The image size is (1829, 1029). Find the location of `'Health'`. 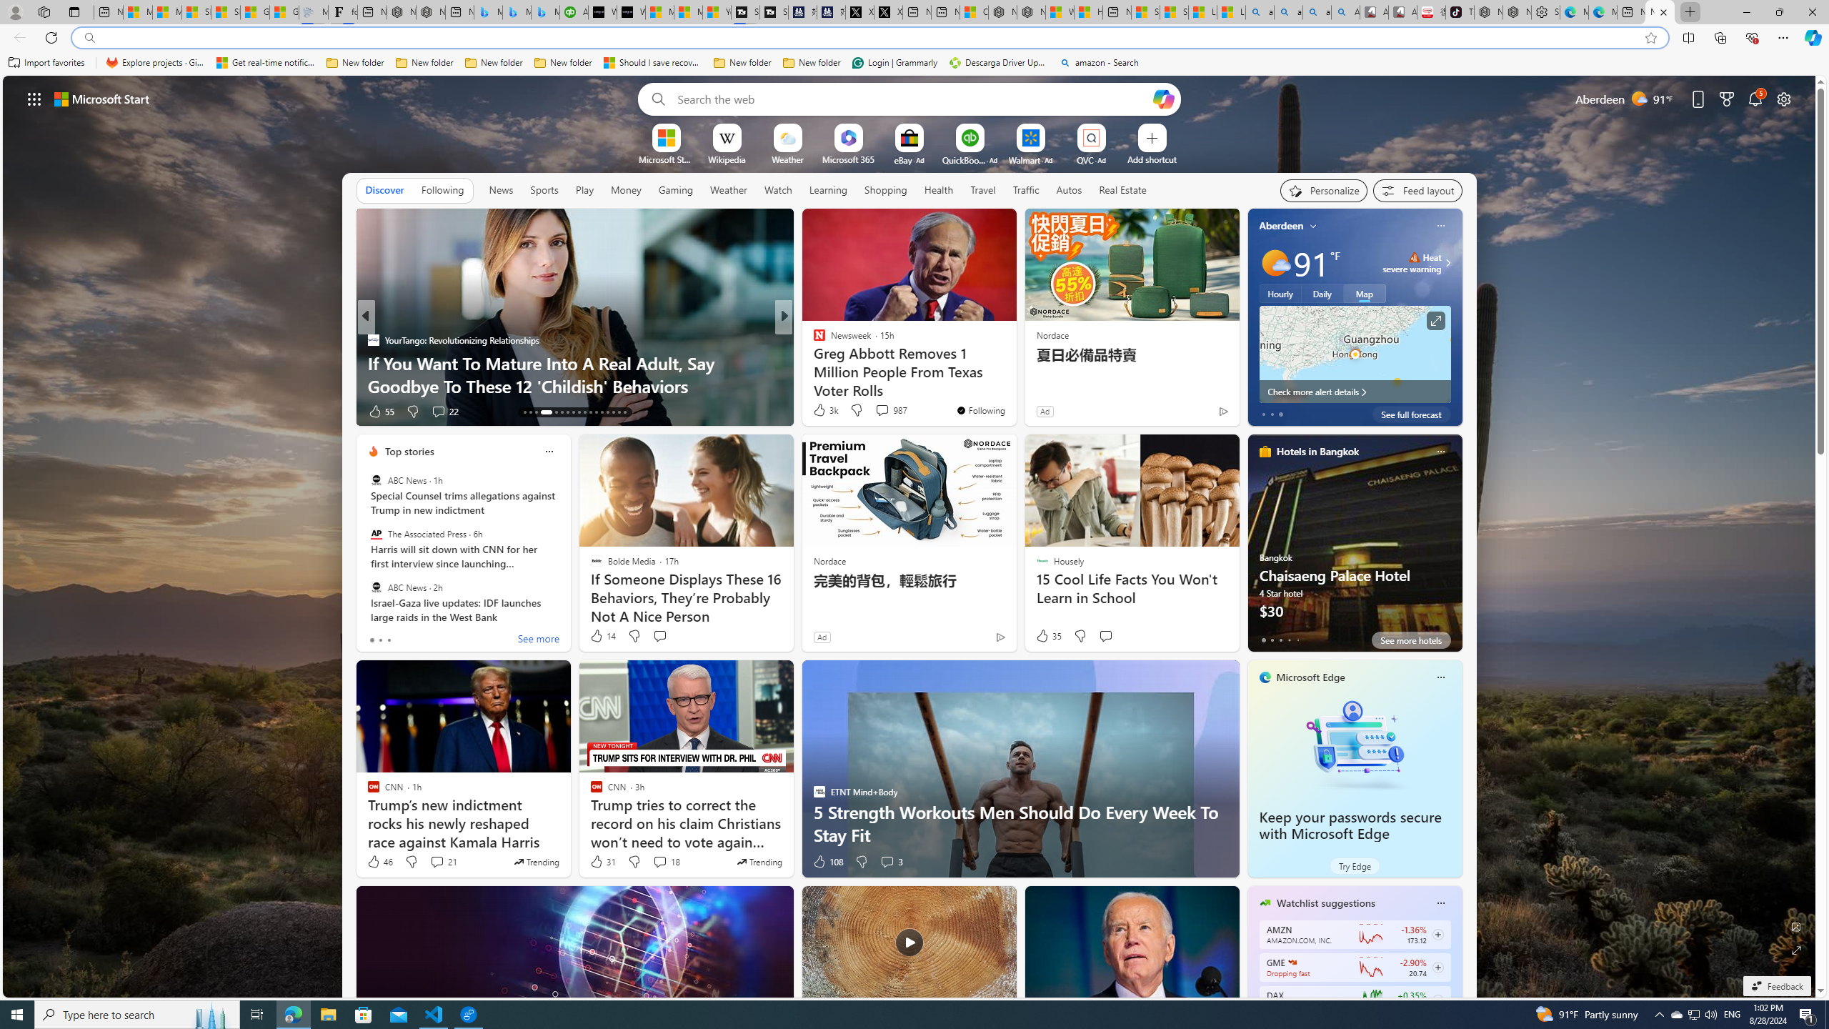

'Health' is located at coordinates (937, 189).